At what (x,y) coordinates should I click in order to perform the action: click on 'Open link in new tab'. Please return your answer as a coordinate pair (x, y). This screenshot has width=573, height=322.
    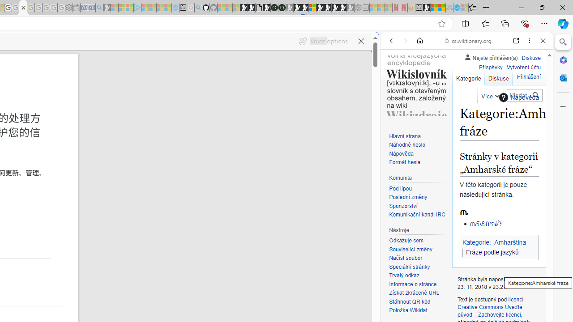
    Looking at the image, I should click on (516, 41).